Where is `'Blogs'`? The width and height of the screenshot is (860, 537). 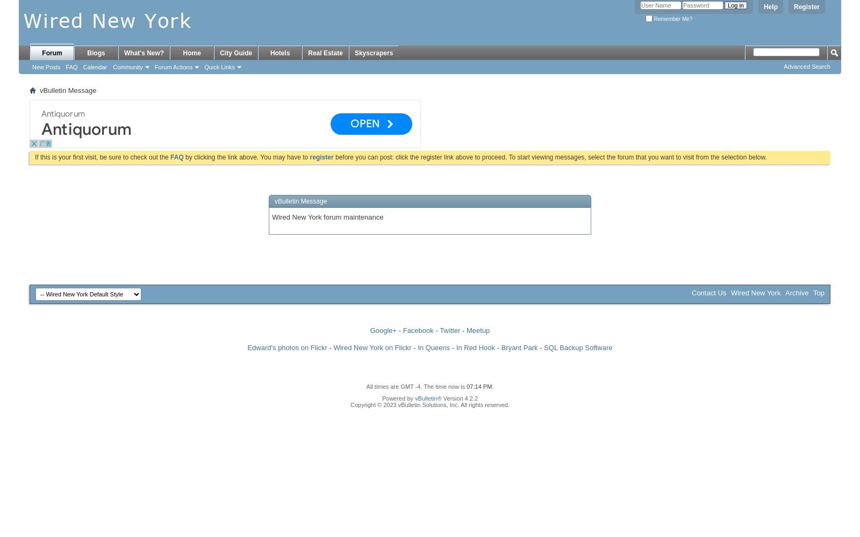 'Blogs' is located at coordinates (95, 53).